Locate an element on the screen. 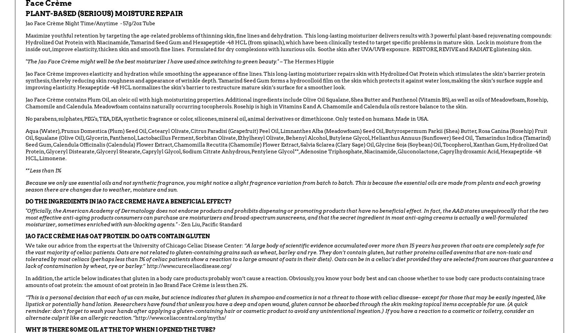 This screenshot has height=333, width=579. 'Jao Face Crème contains Plum Oil, an oleic oil with high moisturizing properties. Additional ingredients include Olive Oil Squalane, Shea Butter and Panthenol (Vitamin B5), as well as oils of Meadowfoam, Rosehip, Chamomile and Calendula. Meadowfoam contains naturally occurring tocopherols. Rosehip is high in Vitamins E and A. Chamomile and Calendula oils restore balance to the skin.' is located at coordinates (25, 103).